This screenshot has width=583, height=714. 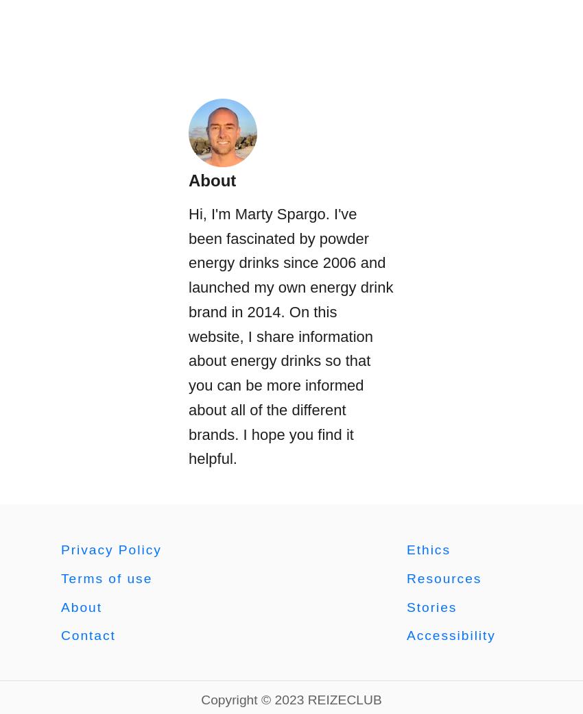 What do you see at coordinates (290, 336) in the screenshot?
I see `'Hi, I'm Marty Spargo. I've been fascinated by powder energy drinks since 2006 and launched my own energy drink brand in 2014. On this website, I share information about energy drinks so that you can be more informed about all of the different brands. I hope you find it helpful.'` at bounding box center [290, 336].